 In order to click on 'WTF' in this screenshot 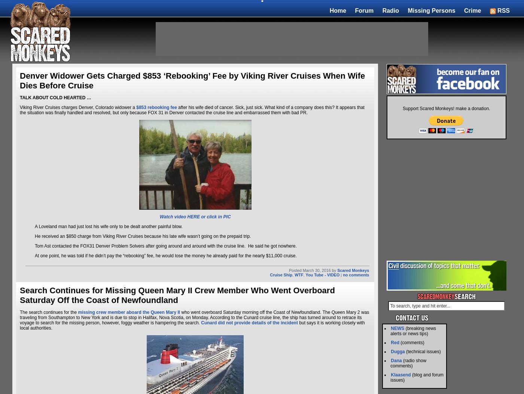, I will do `click(298, 275)`.